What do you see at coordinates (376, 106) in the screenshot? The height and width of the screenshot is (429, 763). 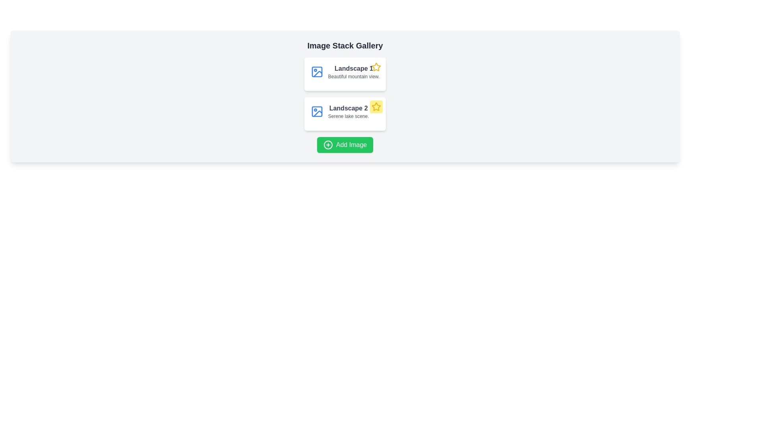 I see `the interactive favorite button/icon located at the top-right corner of the card displaying 'Landscape 2'` at bounding box center [376, 106].